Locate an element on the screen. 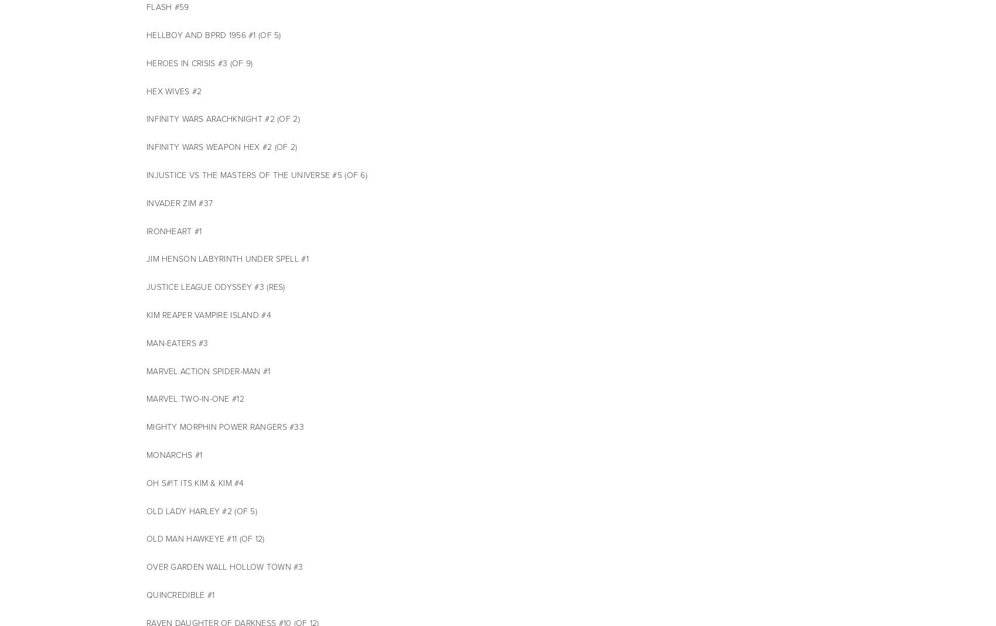 The height and width of the screenshot is (626, 996). 'MAN-EATERS #3' is located at coordinates (177, 343).